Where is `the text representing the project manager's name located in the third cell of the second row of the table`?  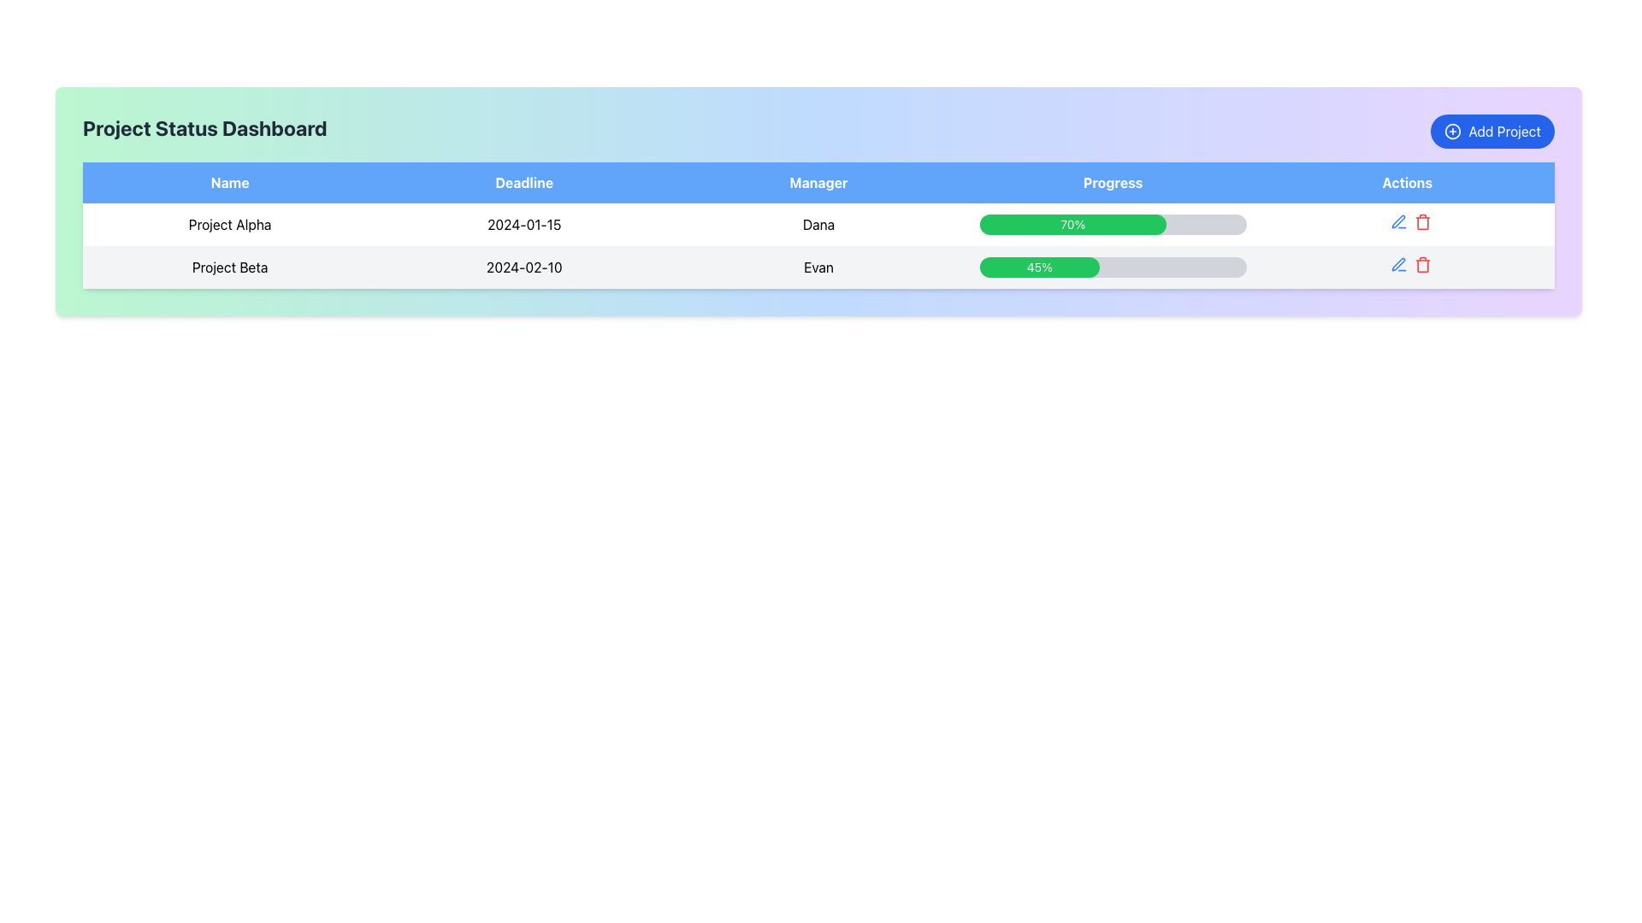 the text representing the project manager's name located in the third cell of the second row of the table is located at coordinates (818, 267).